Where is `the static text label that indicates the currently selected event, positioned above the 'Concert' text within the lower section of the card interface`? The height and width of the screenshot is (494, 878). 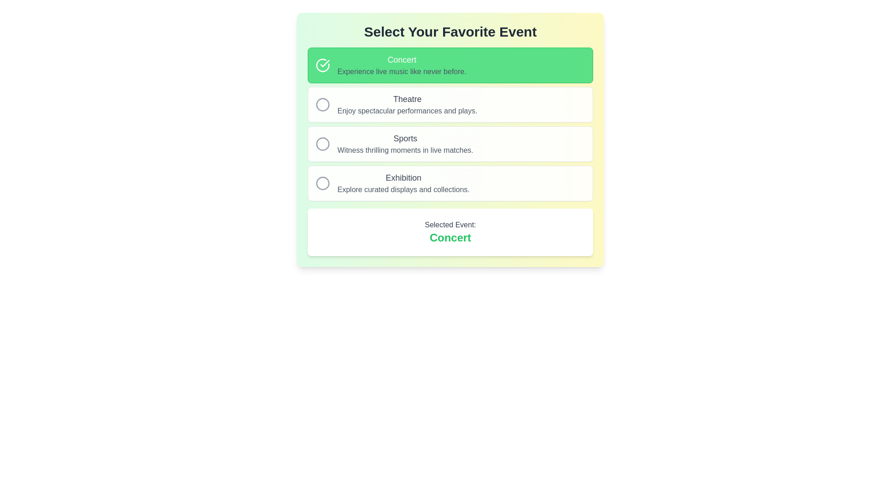
the static text label that indicates the currently selected event, positioned above the 'Concert' text within the lower section of the card interface is located at coordinates (450, 225).